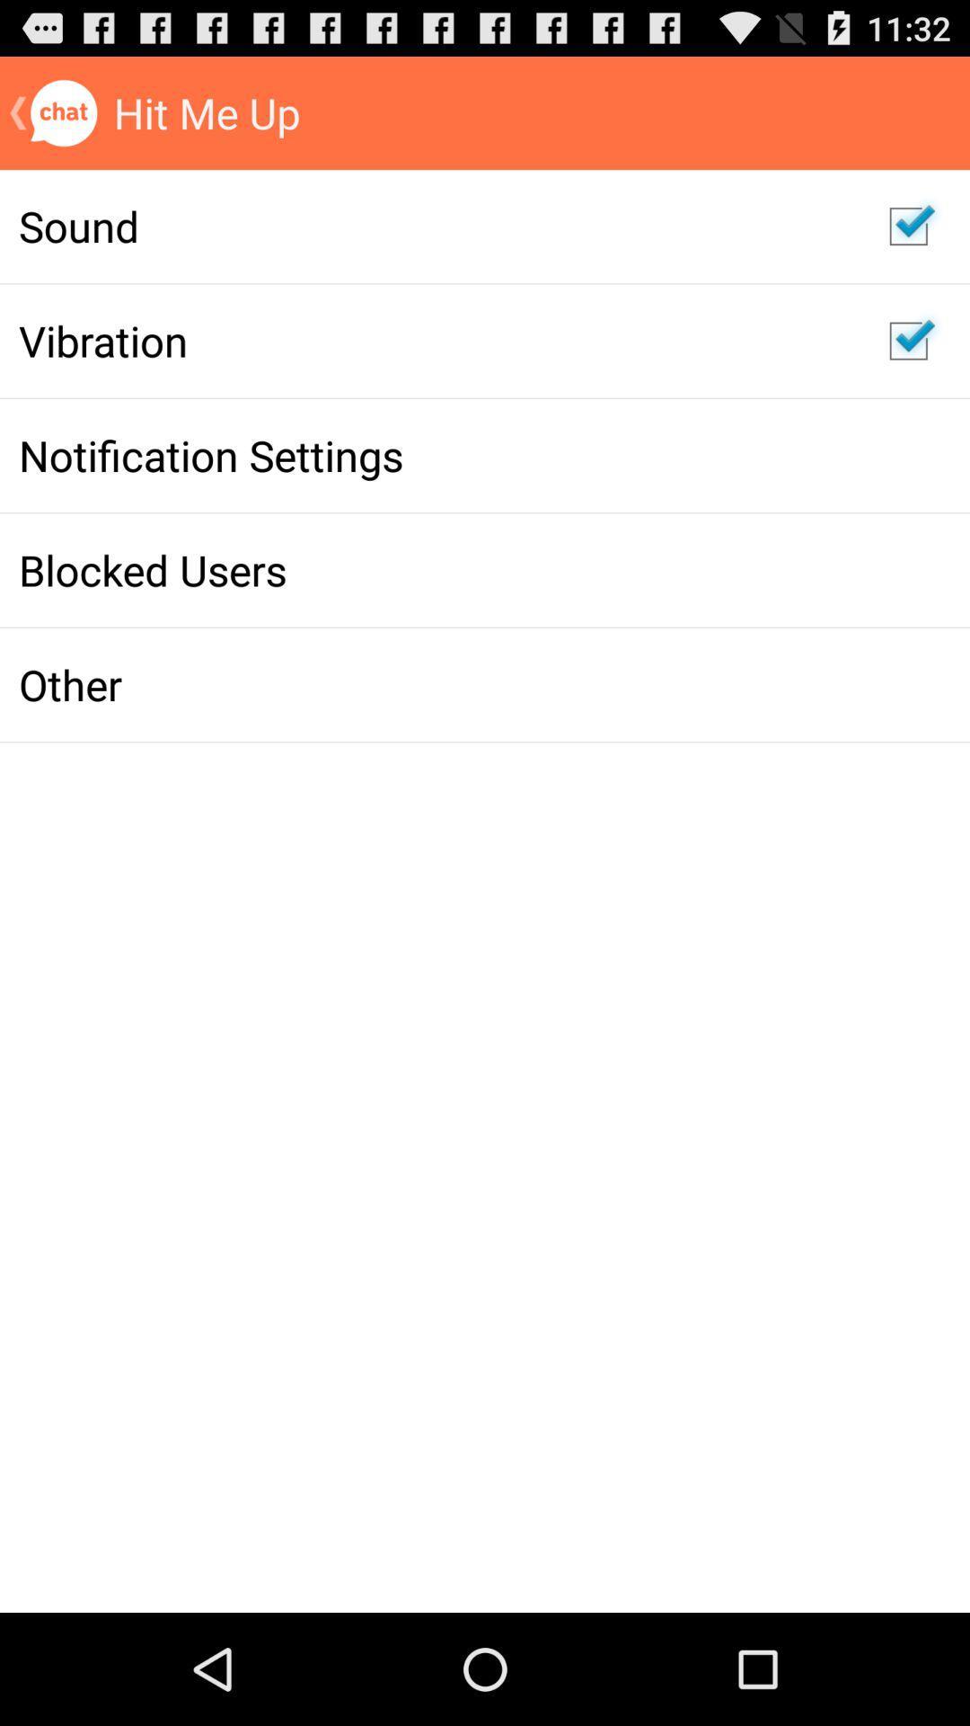  I want to click on vibration option, so click(908, 341).